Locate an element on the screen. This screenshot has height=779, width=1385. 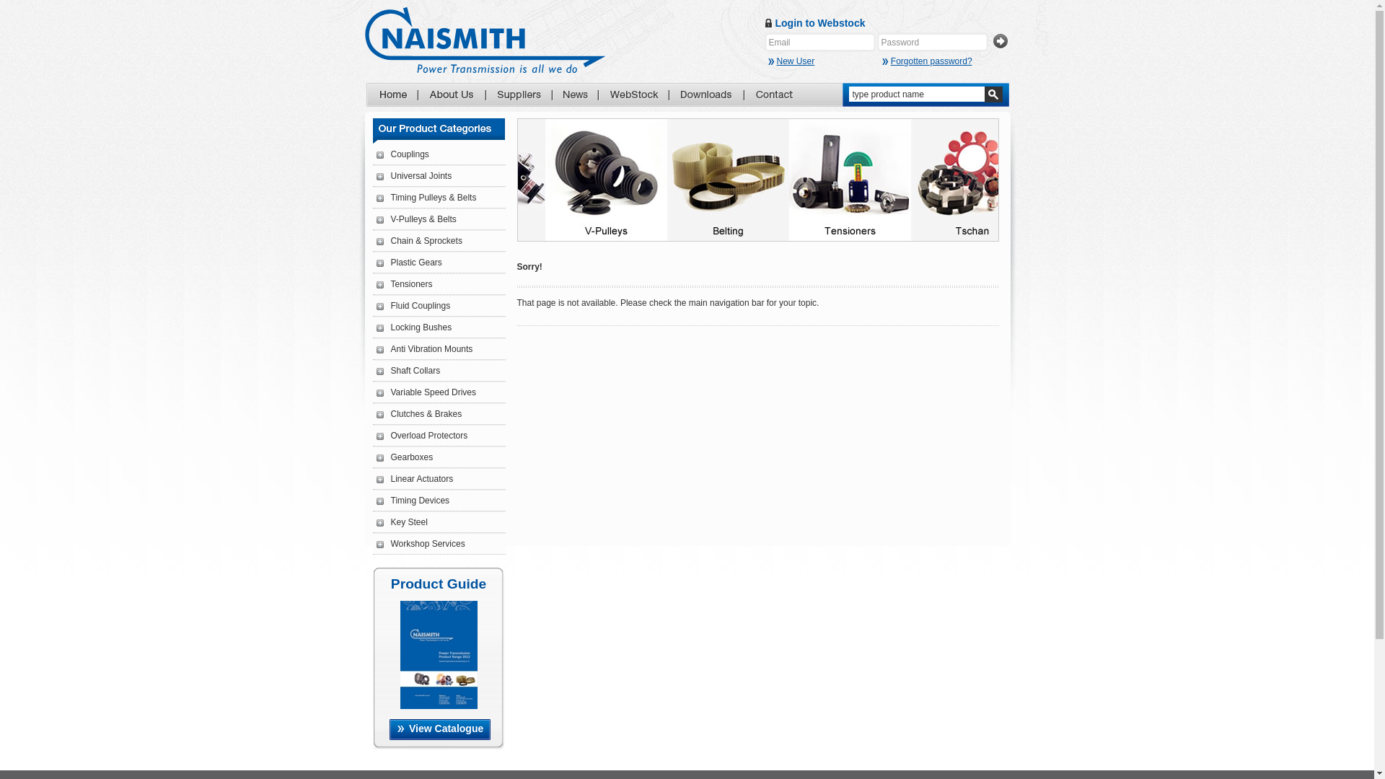
'Downloads' is located at coordinates (706, 94).